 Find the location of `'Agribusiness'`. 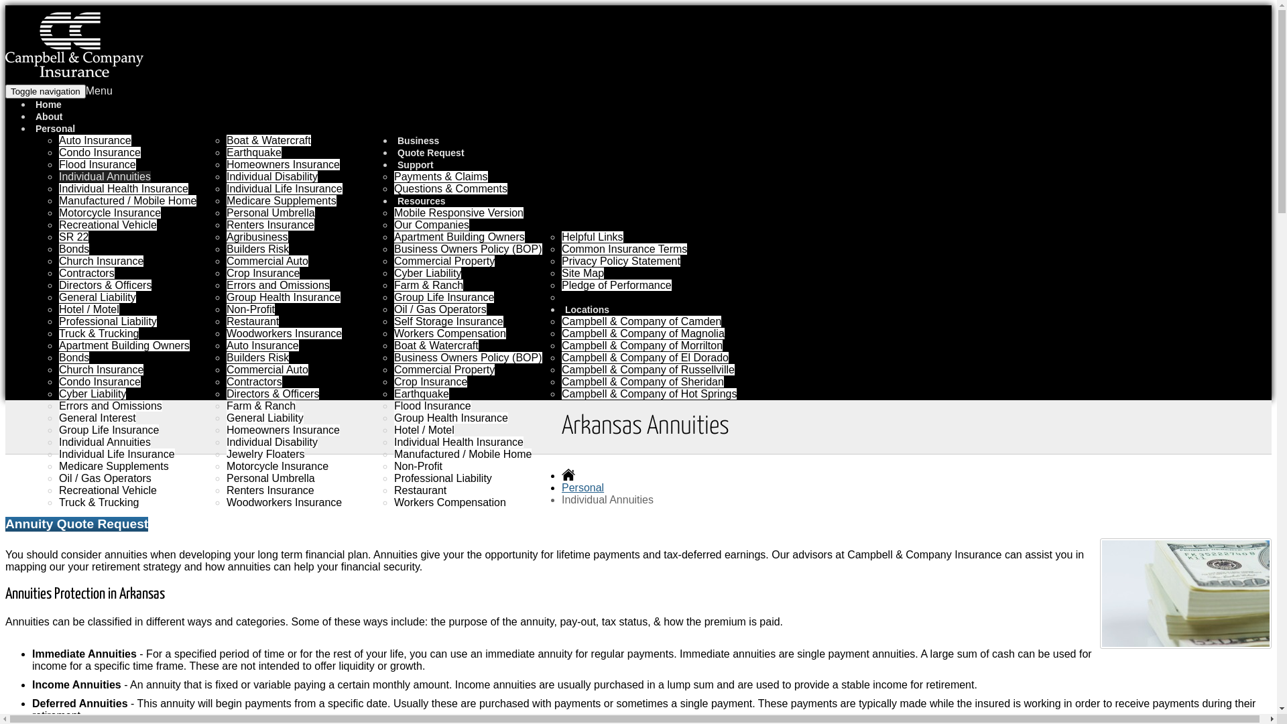

'Agribusiness' is located at coordinates (257, 236).